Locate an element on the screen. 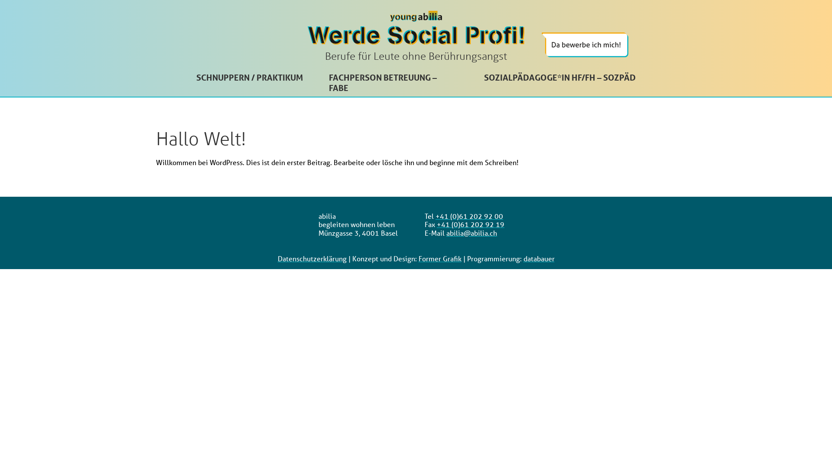 This screenshot has height=468, width=832. 'SCHNUPPERN / PRAKTIKUM' is located at coordinates (249, 77).